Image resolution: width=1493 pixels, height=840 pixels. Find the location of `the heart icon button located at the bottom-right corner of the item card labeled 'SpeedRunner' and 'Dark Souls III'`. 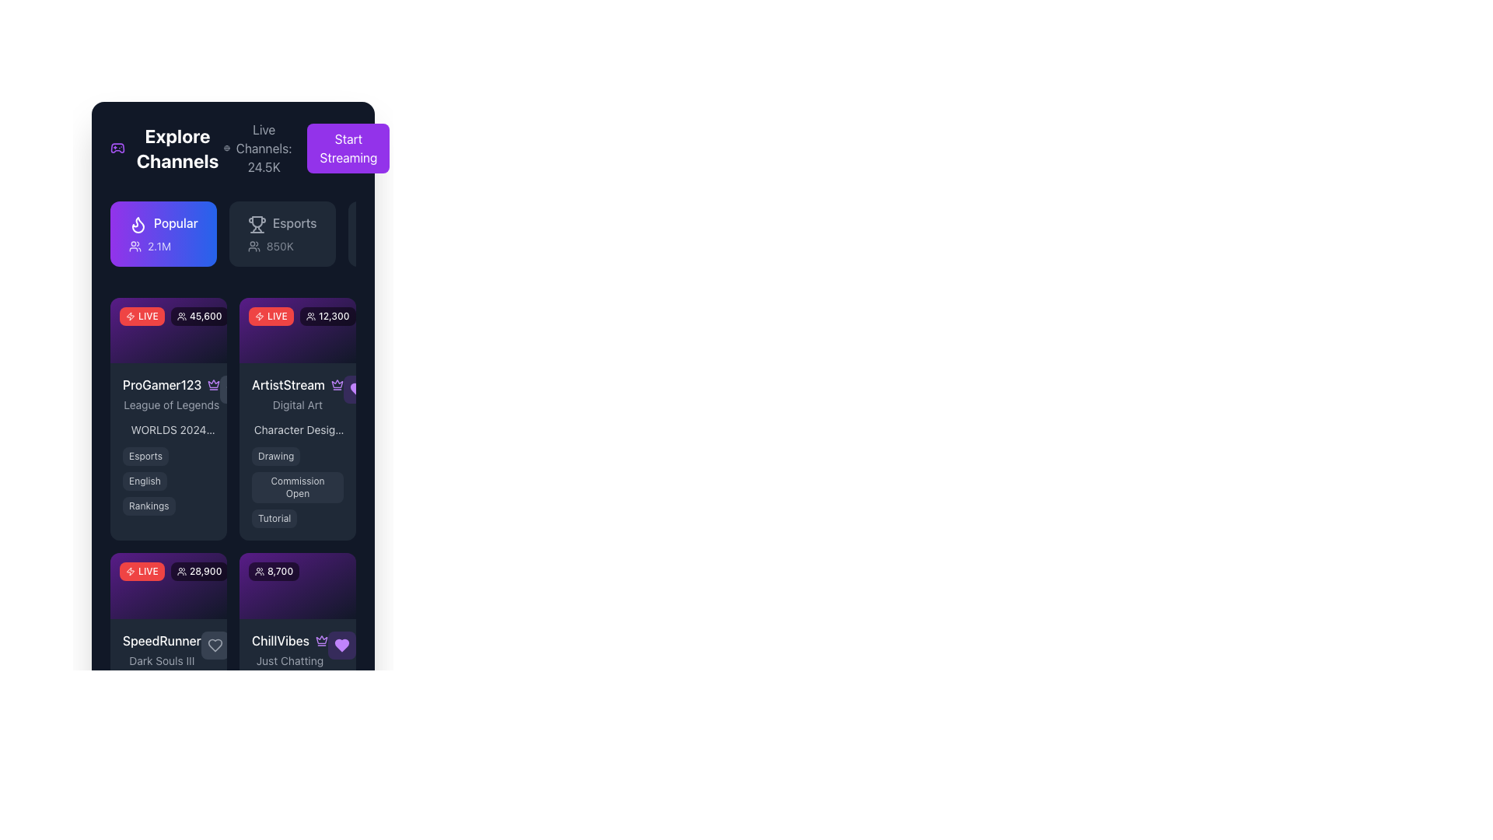

the heart icon button located at the bottom-right corner of the item card labeled 'SpeedRunner' and 'Dark Souls III' is located at coordinates (214, 645).